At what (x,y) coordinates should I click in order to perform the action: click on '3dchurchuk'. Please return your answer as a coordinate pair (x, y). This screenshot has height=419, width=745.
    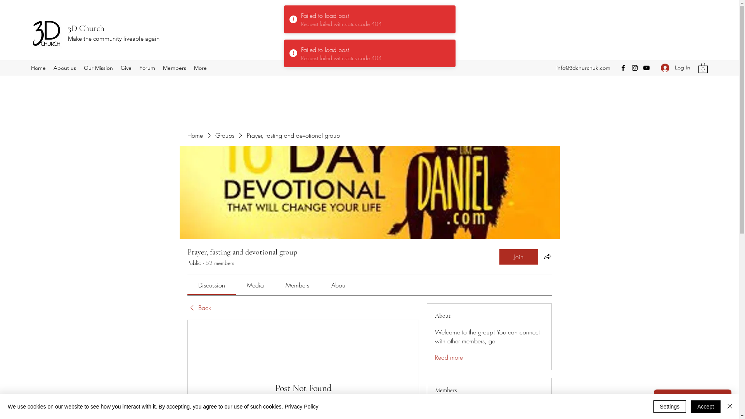
    Looking at the image, I should click on (468, 407).